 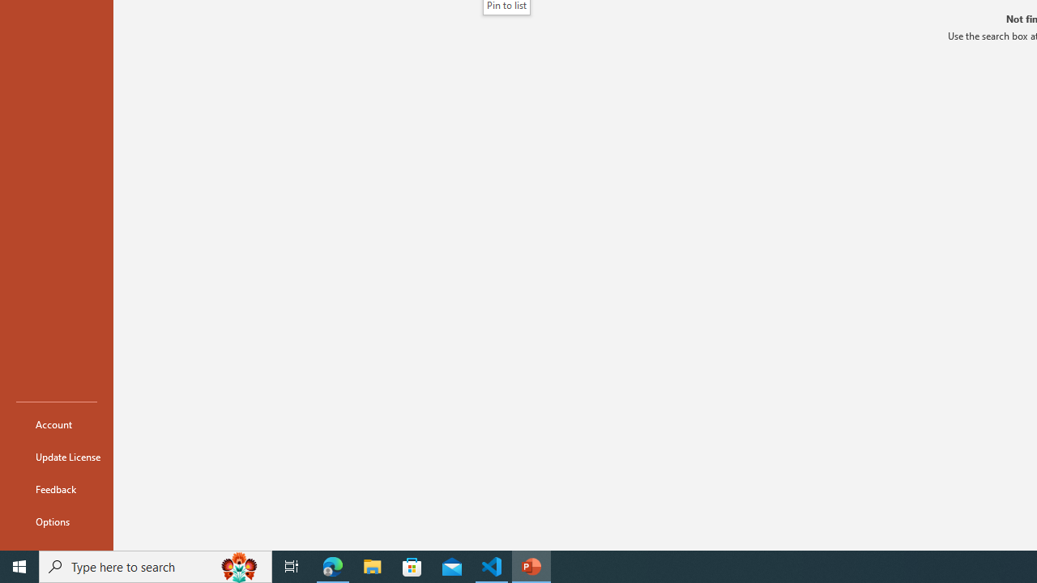 I want to click on 'Feedback', so click(x=56, y=488).